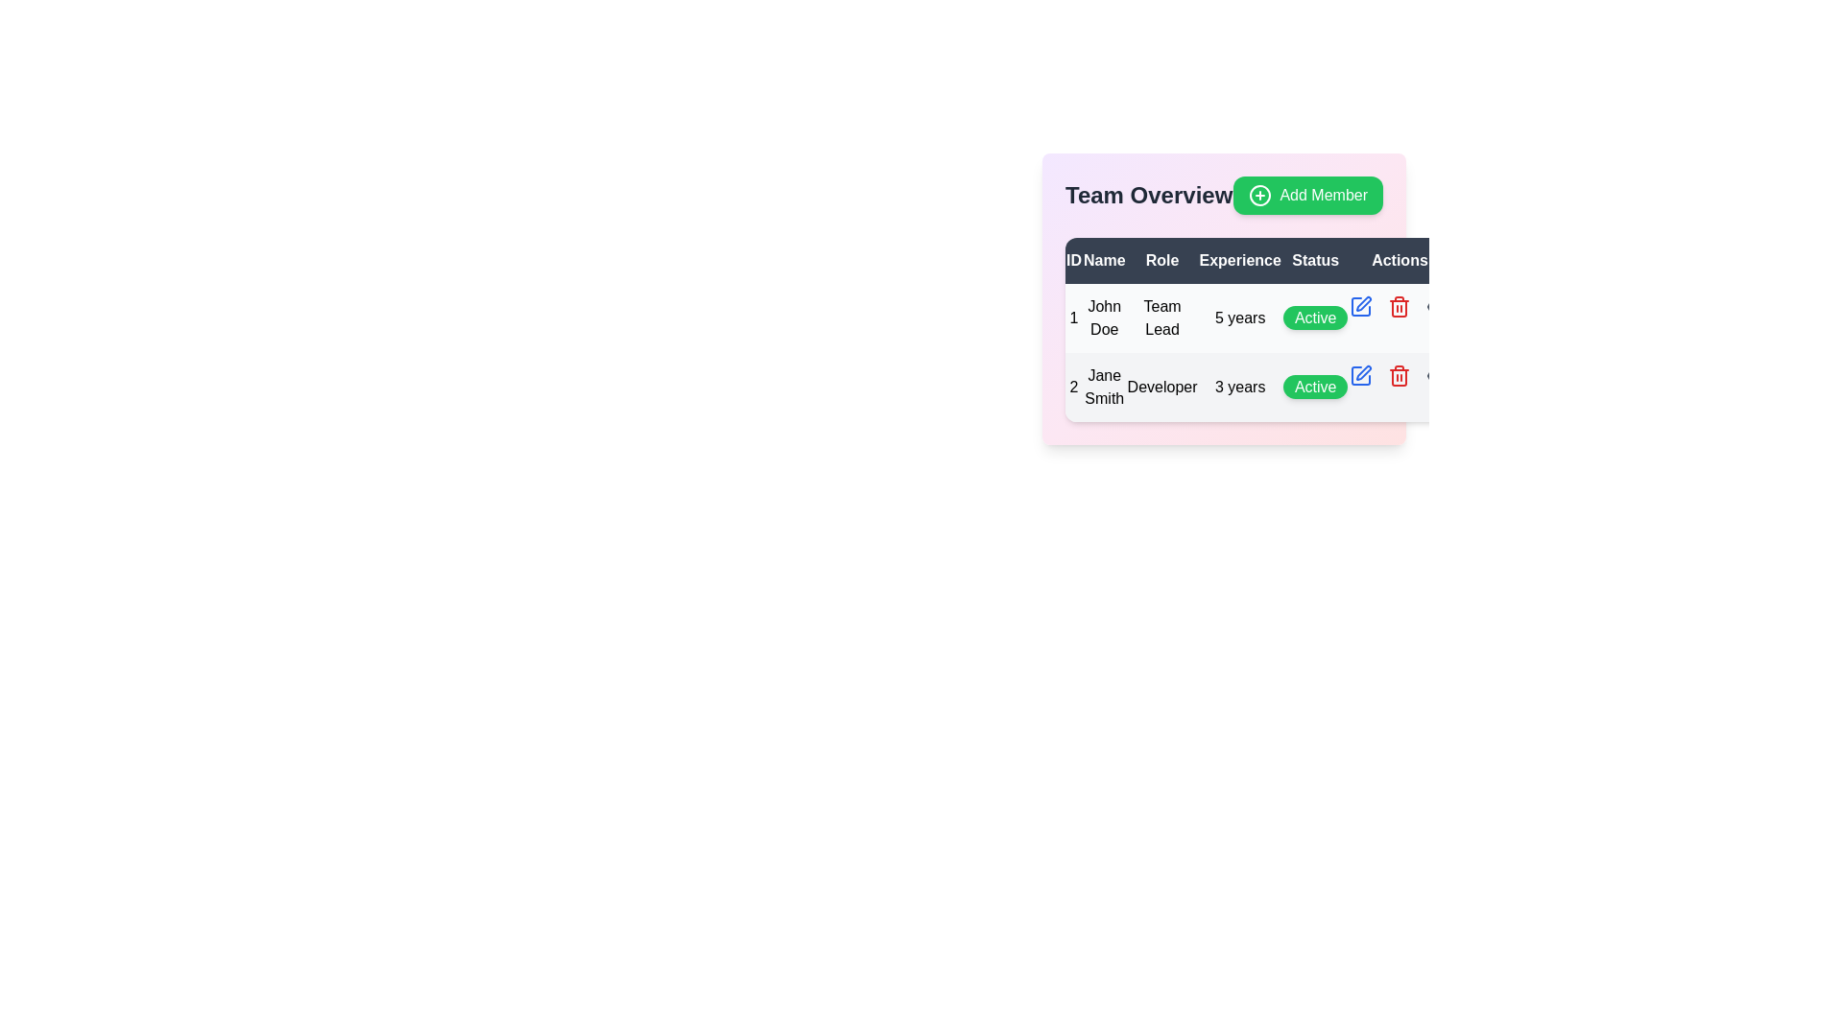  Describe the element at coordinates (1240, 388) in the screenshot. I see `the static text field indicating the duration of experience for an individual, located in the fourth column labeled 'Experience' within the second row of the table` at that location.